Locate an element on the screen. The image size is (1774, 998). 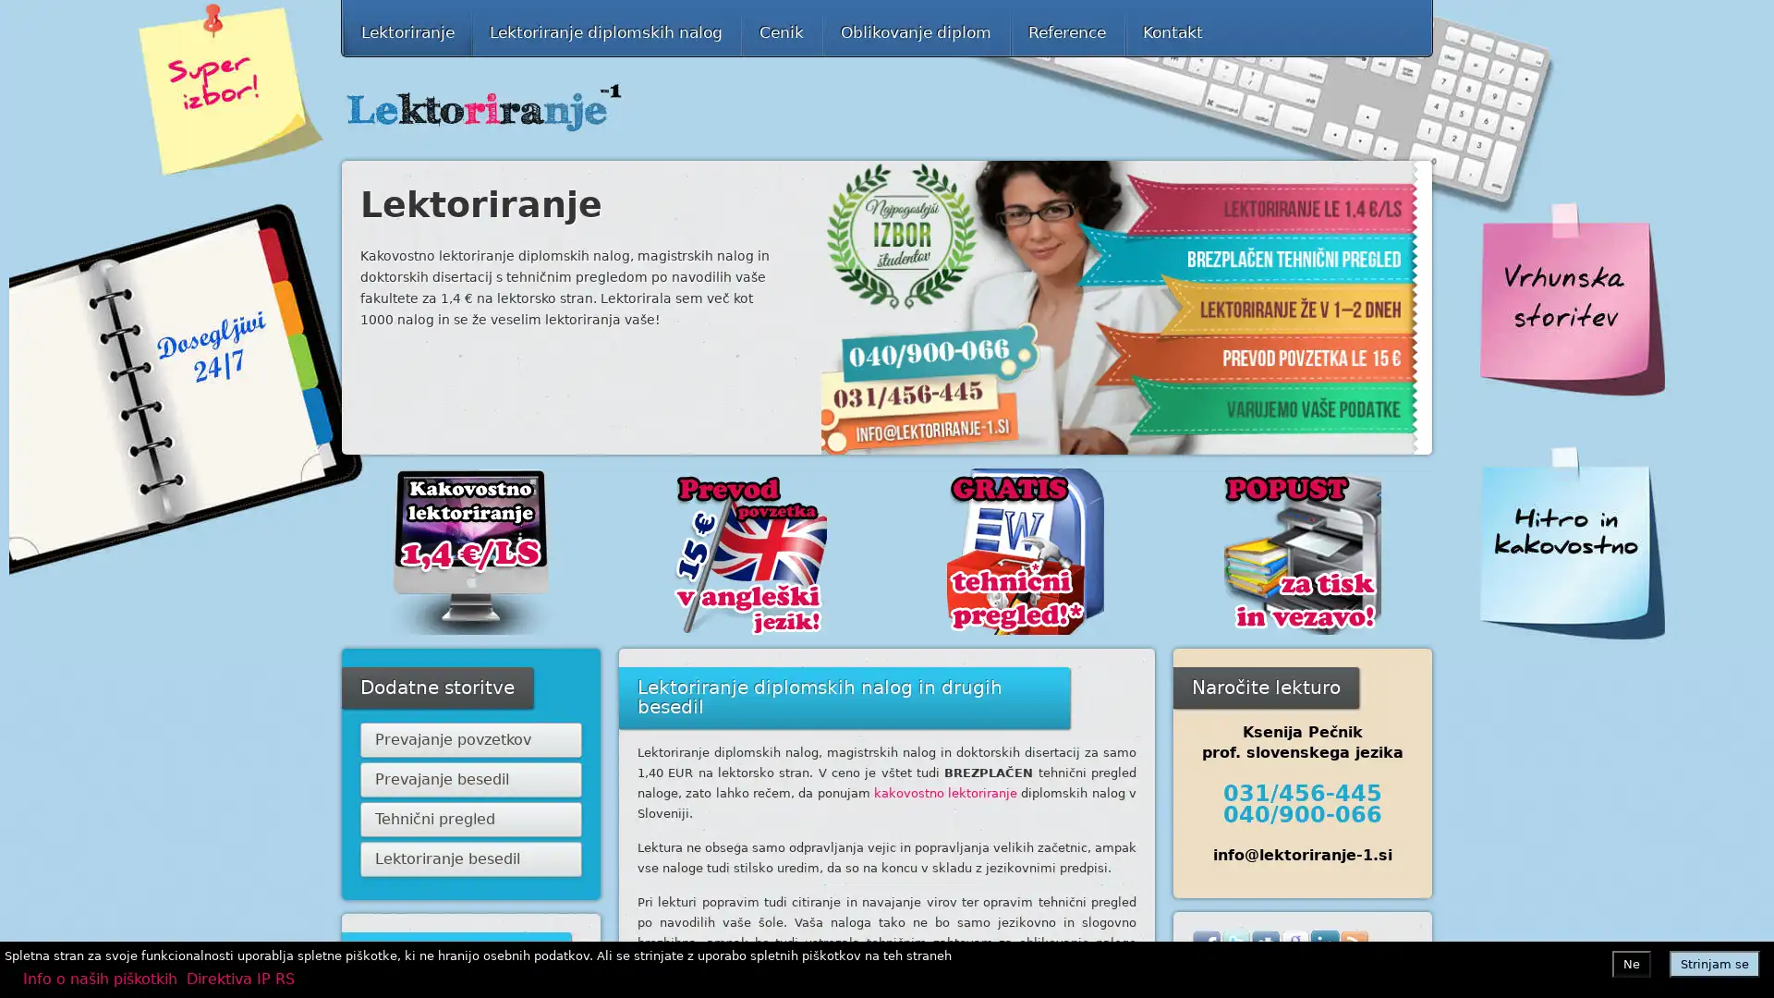
Ne is located at coordinates (1632, 962).